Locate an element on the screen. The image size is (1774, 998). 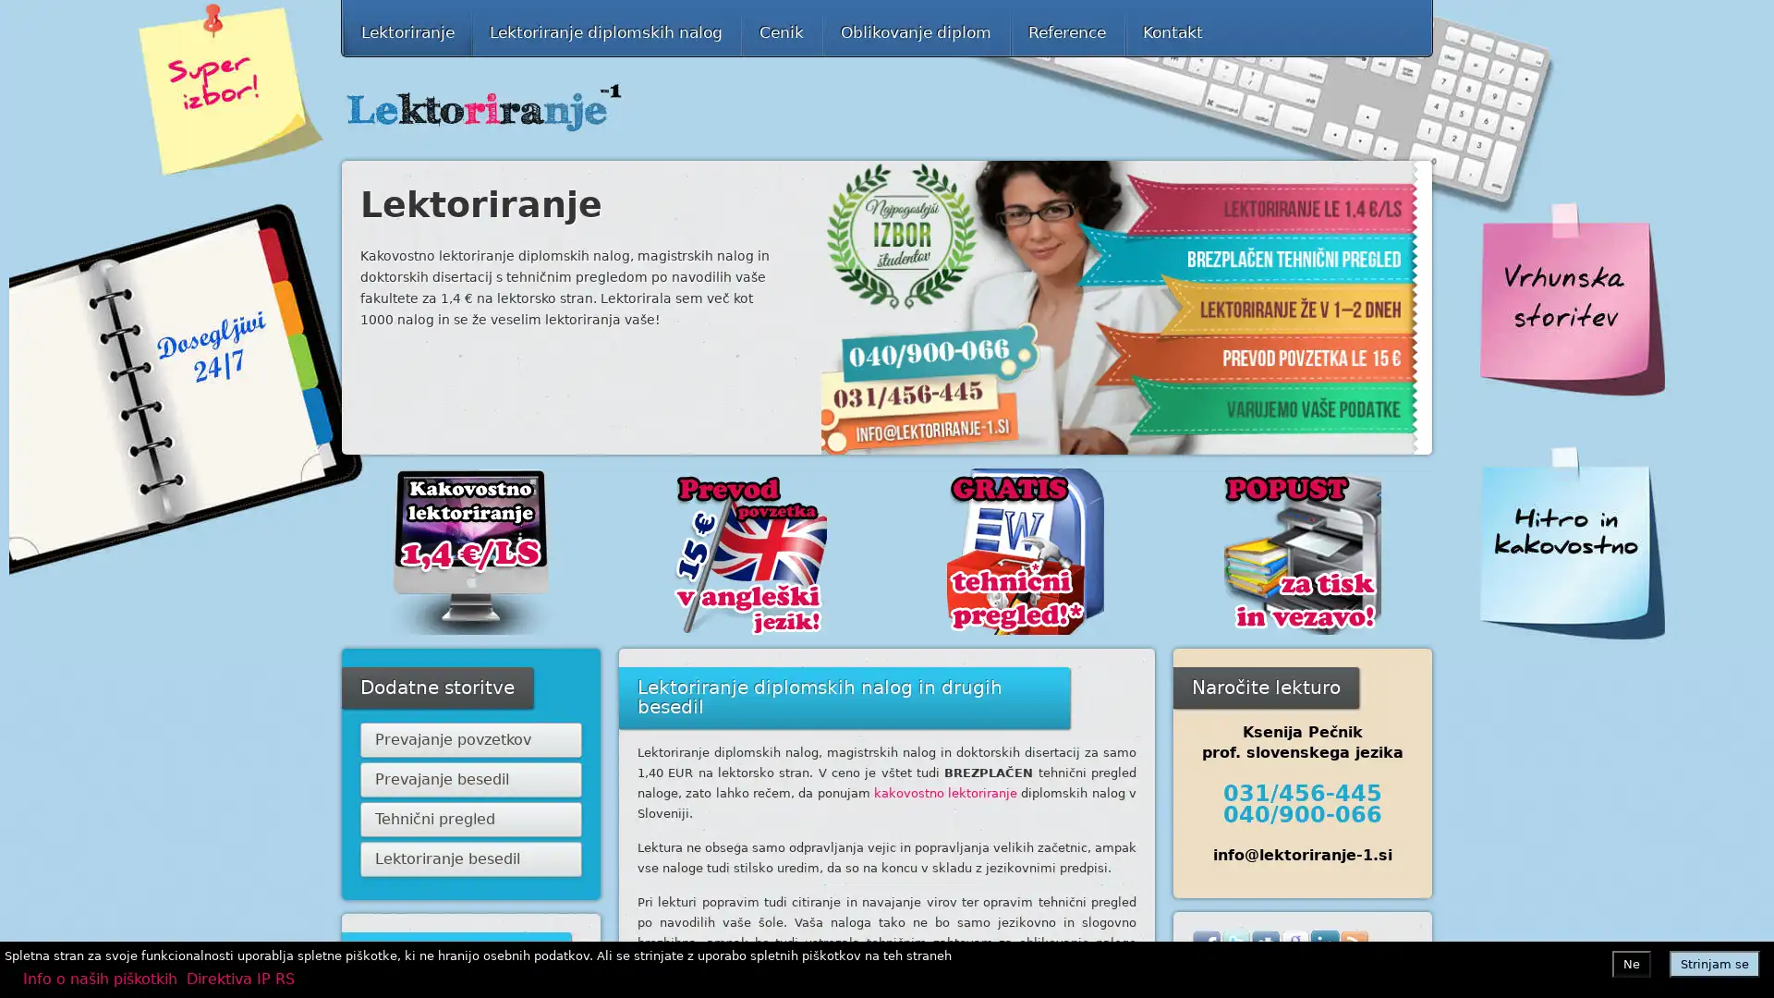
Ne is located at coordinates (1632, 962).